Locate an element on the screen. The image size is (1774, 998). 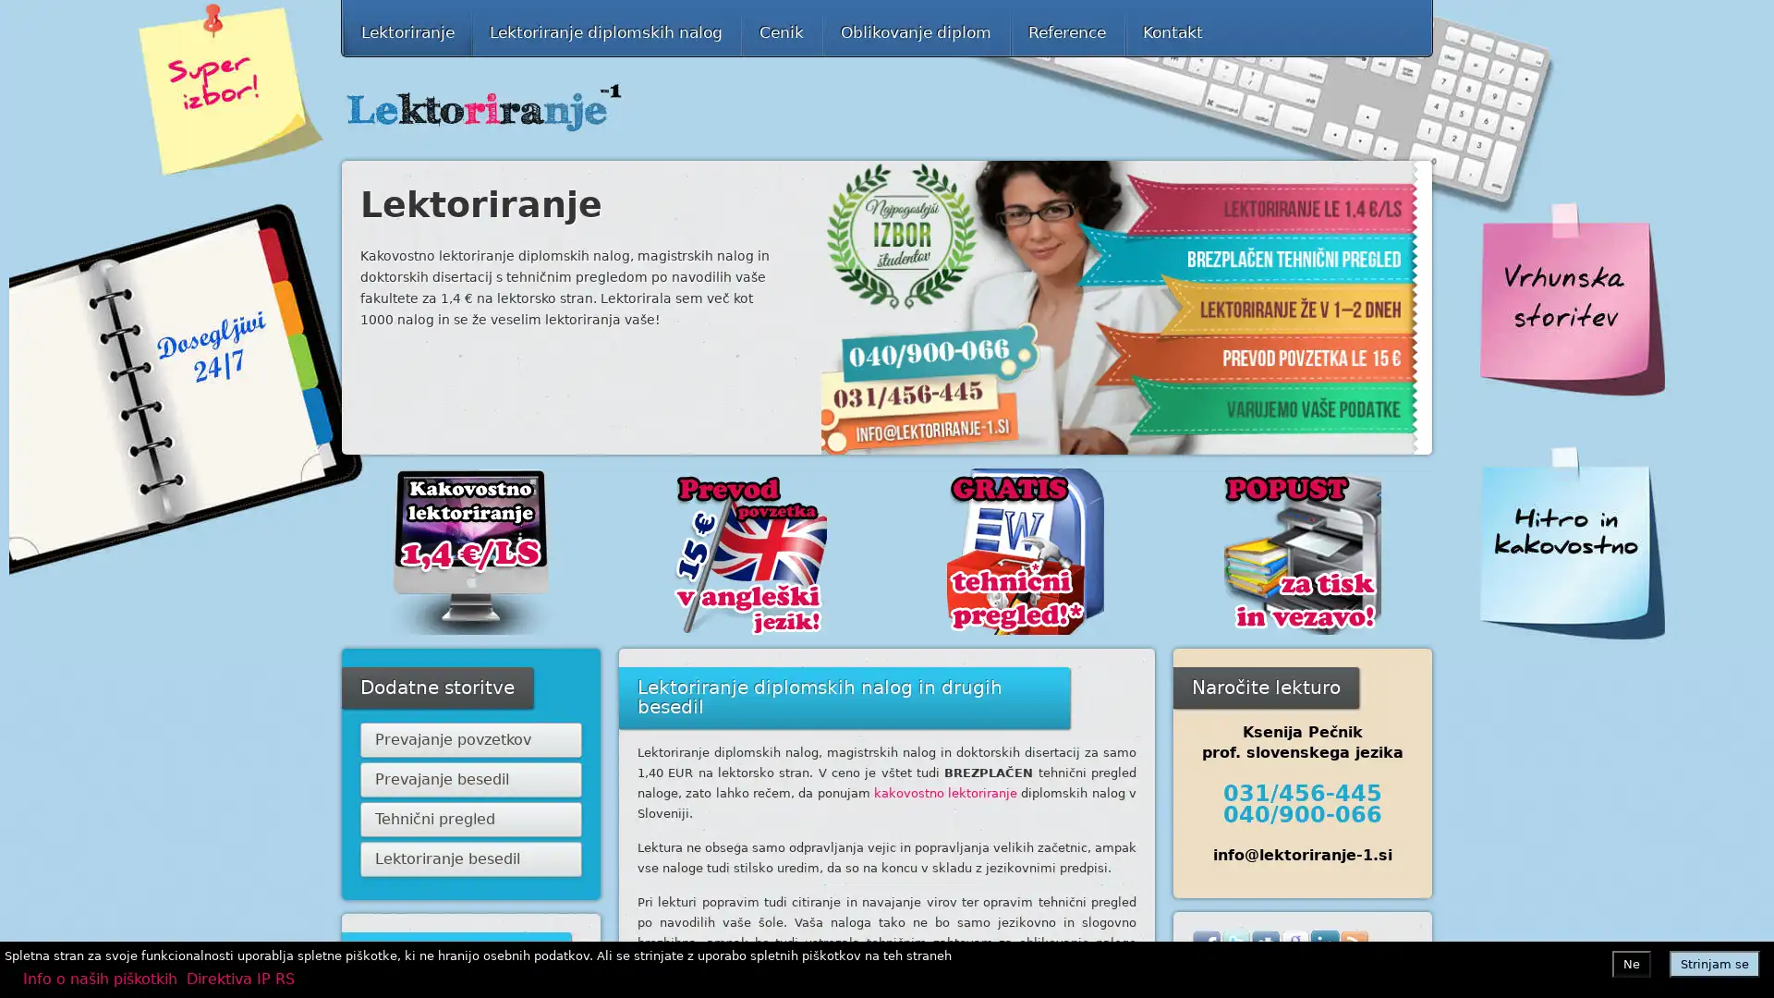
Ne is located at coordinates (1632, 962).